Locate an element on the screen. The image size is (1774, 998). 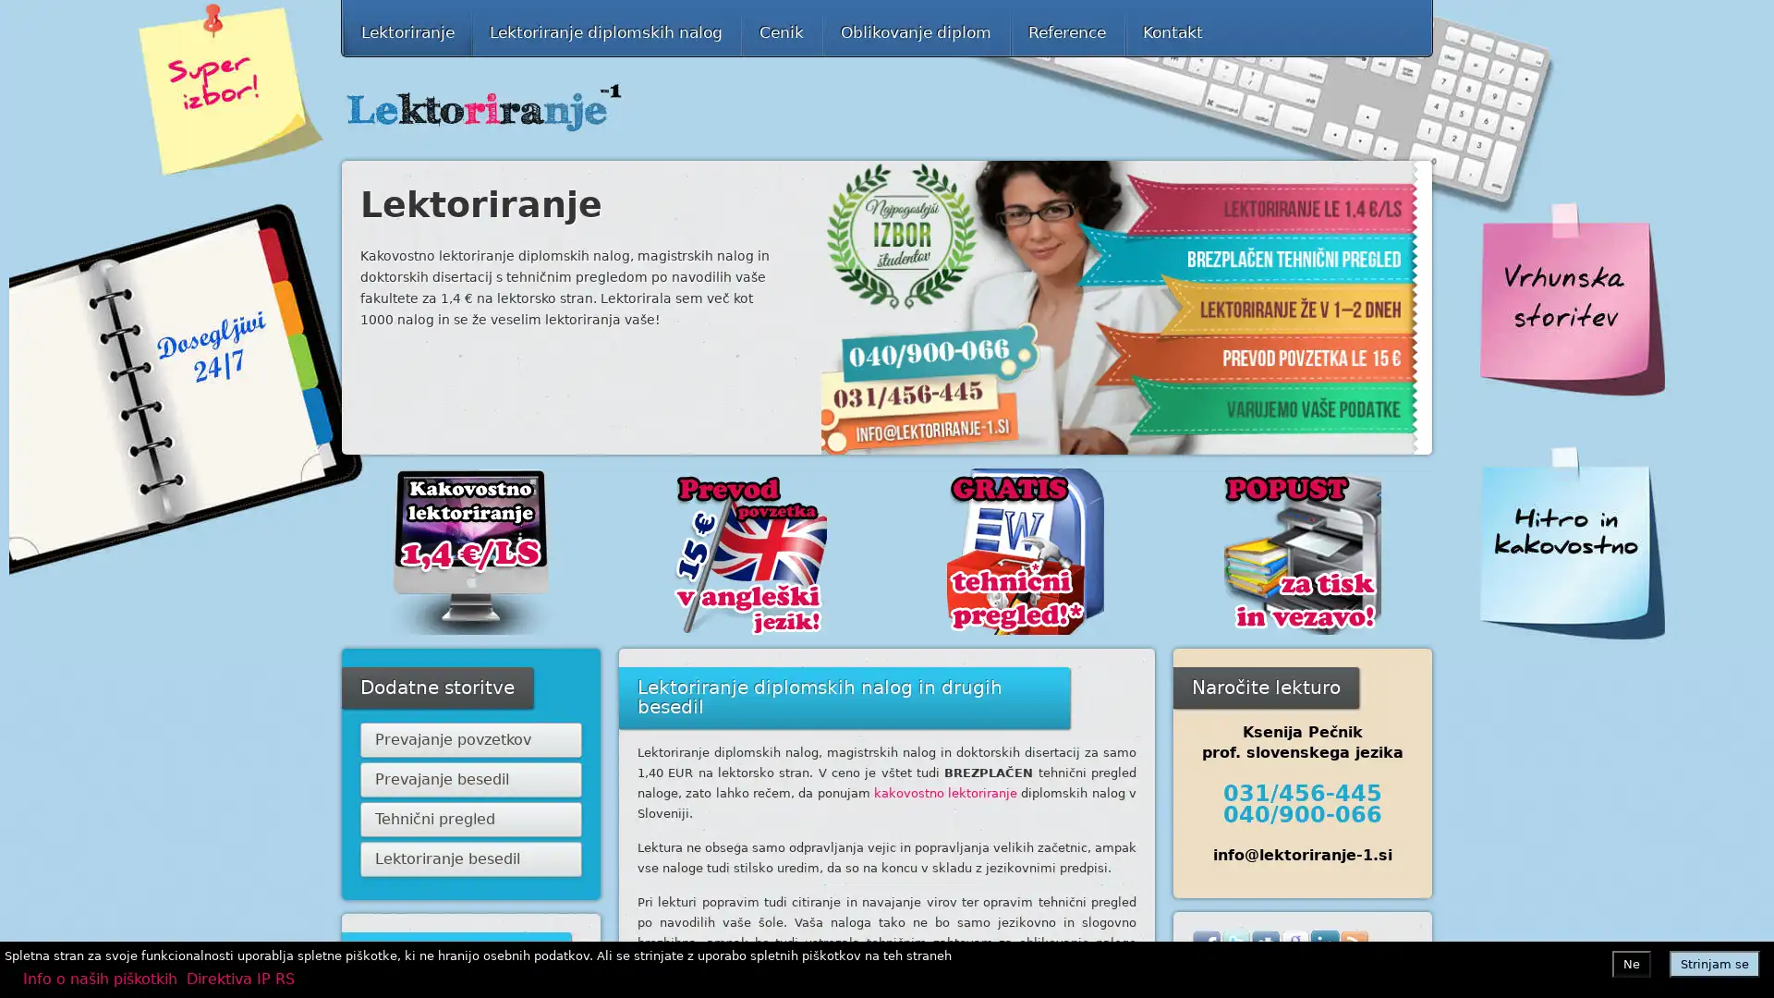
Ne is located at coordinates (1632, 962).